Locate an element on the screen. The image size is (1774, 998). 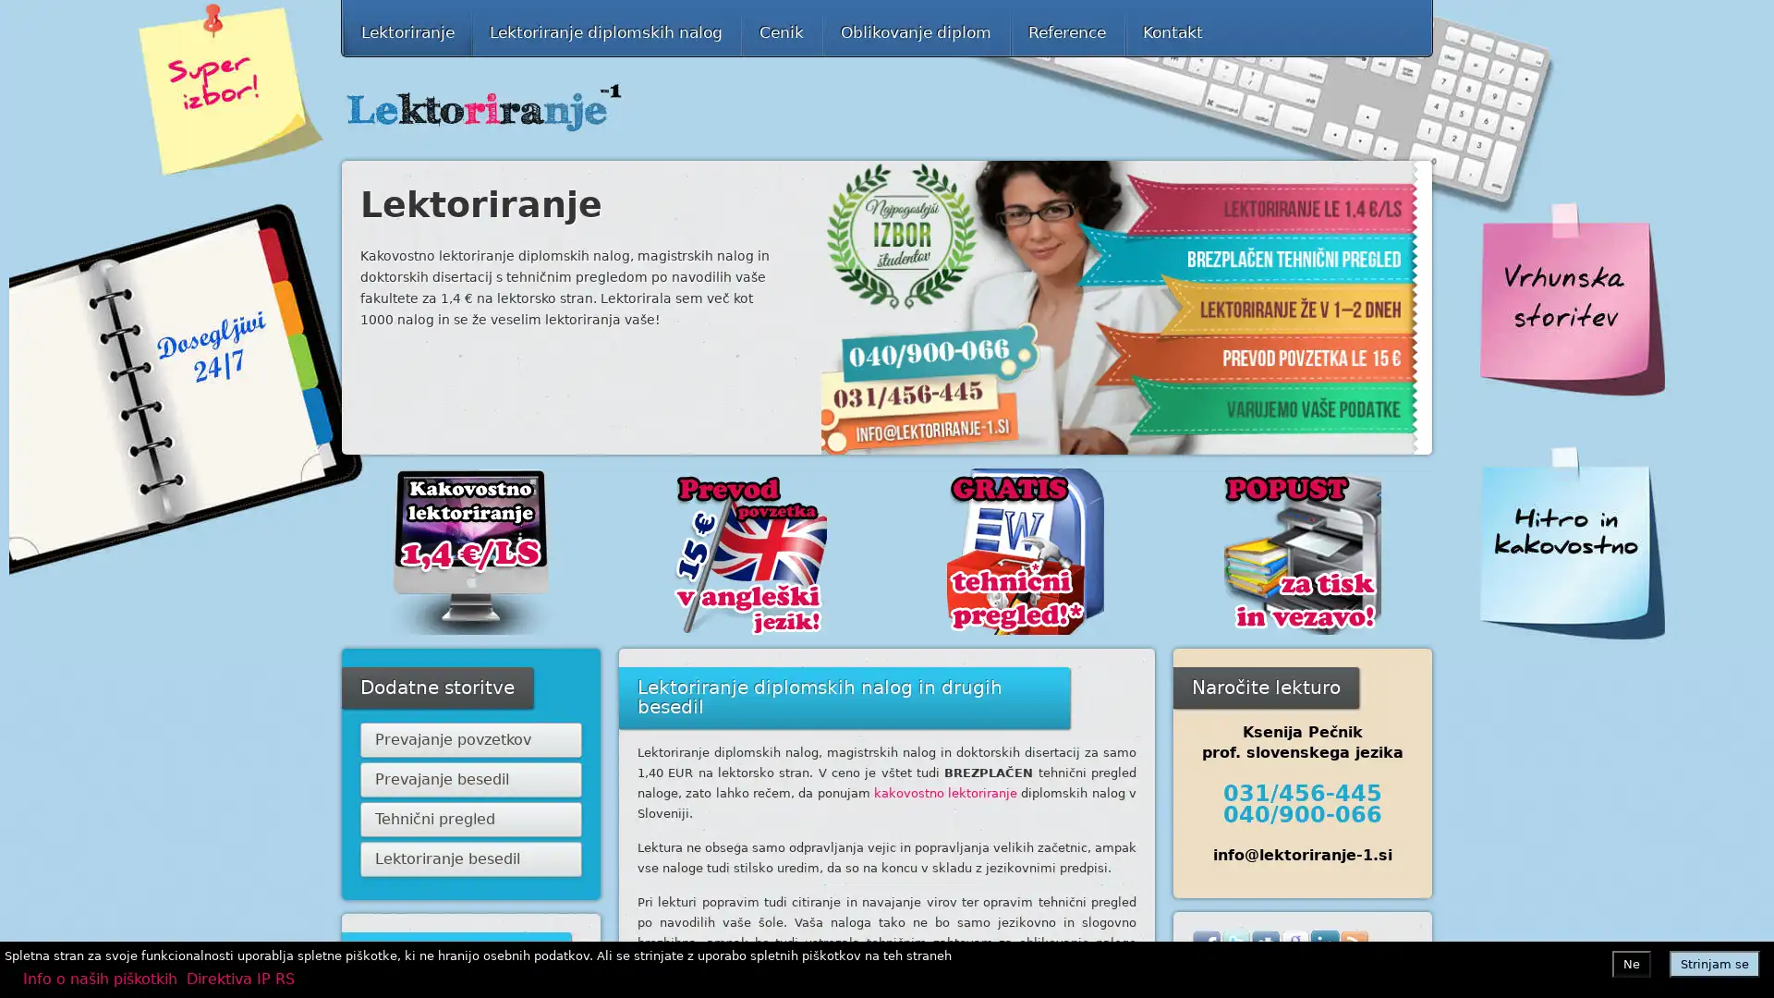
Ne is located at coordinates (1632, 962).